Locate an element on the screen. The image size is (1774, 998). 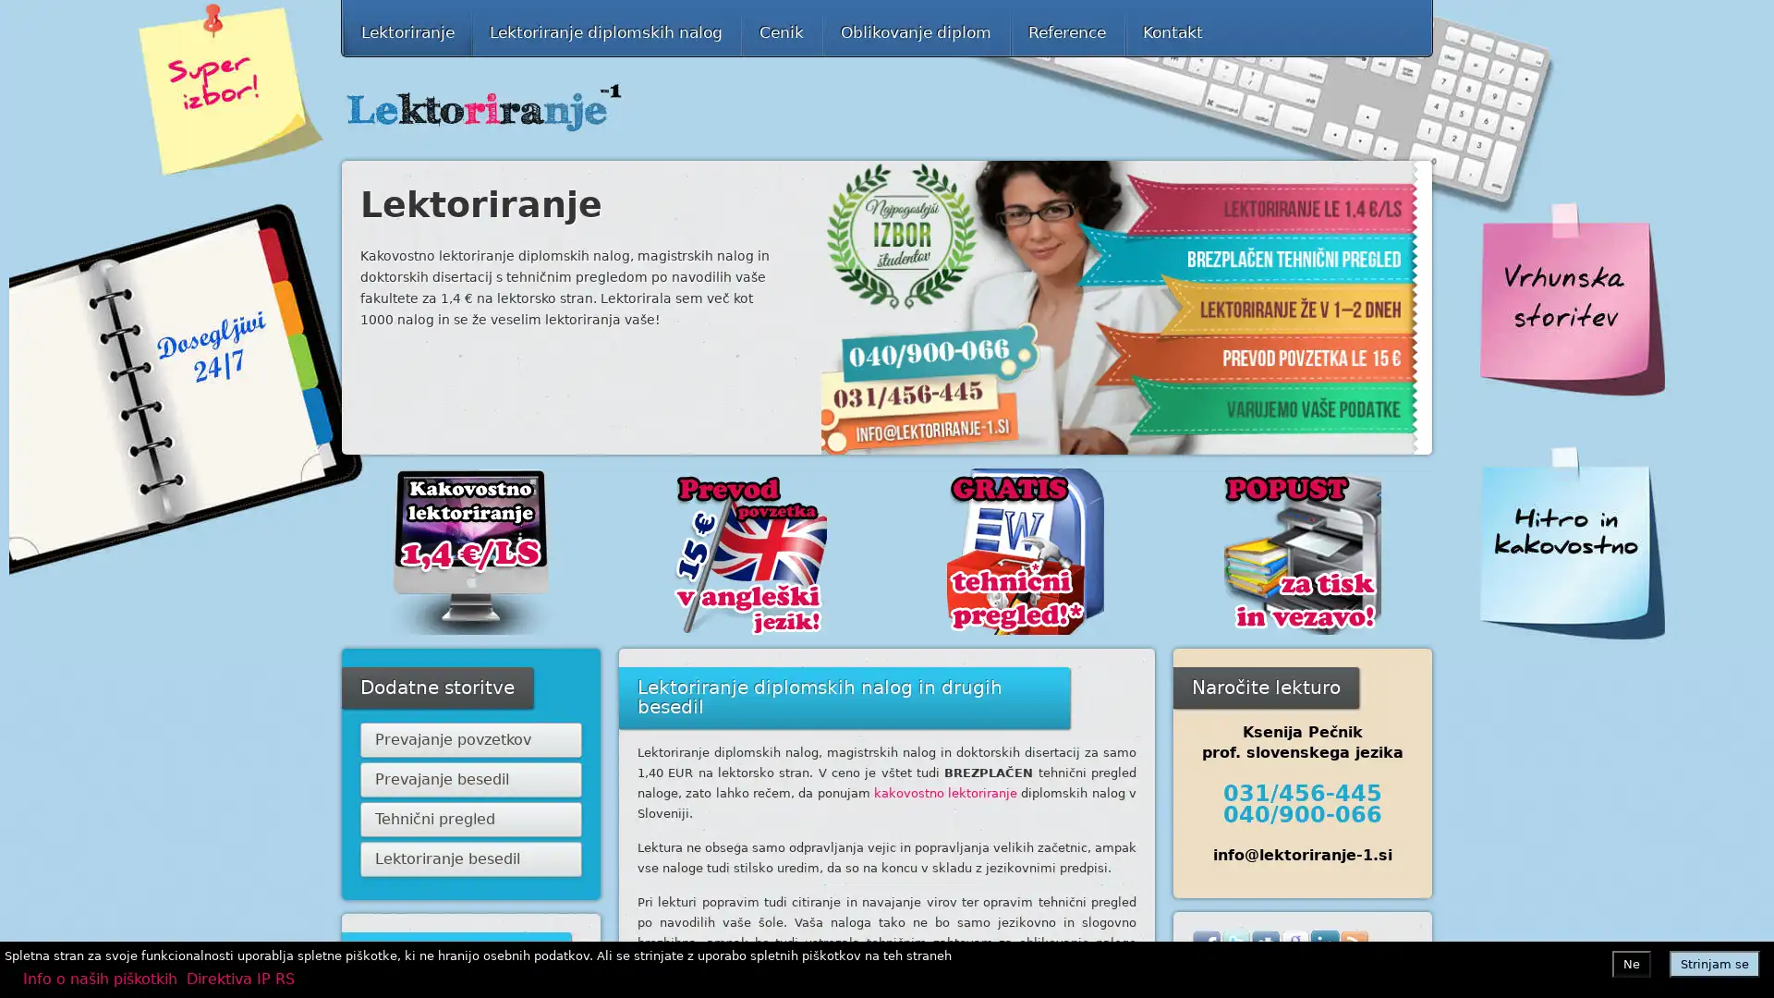
Ne is located at coordinates (1632, 962).